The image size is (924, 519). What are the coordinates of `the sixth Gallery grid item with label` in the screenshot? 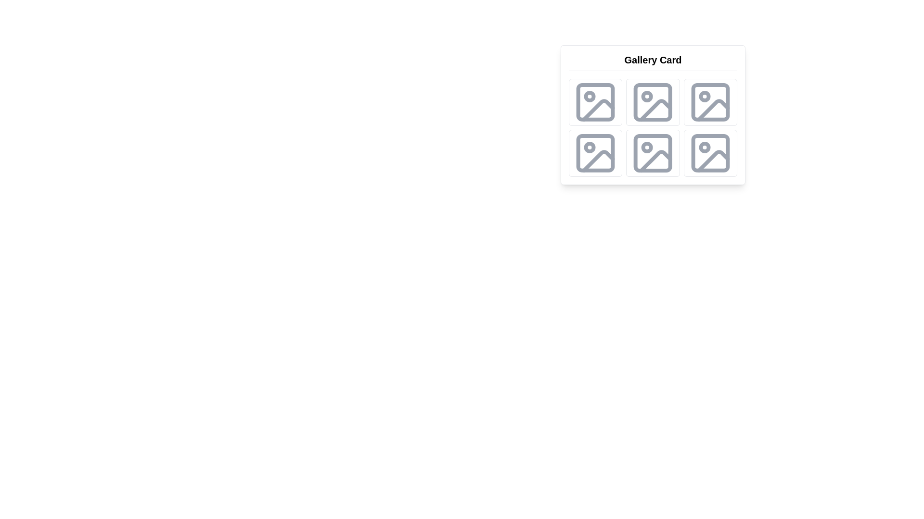 It's located at (710, 153).